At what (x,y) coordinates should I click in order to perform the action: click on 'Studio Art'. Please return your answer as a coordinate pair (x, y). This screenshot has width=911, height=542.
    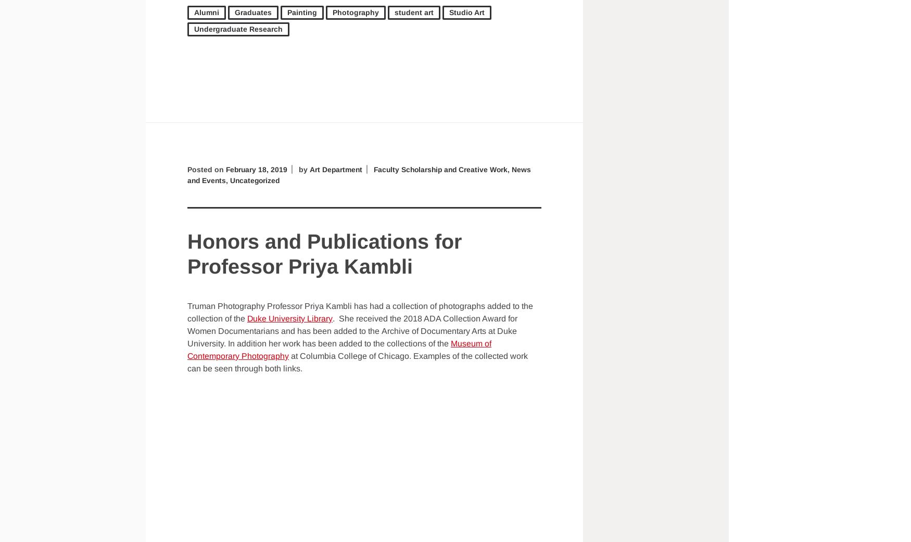
    Looking at the image, I should click on (466, 11).